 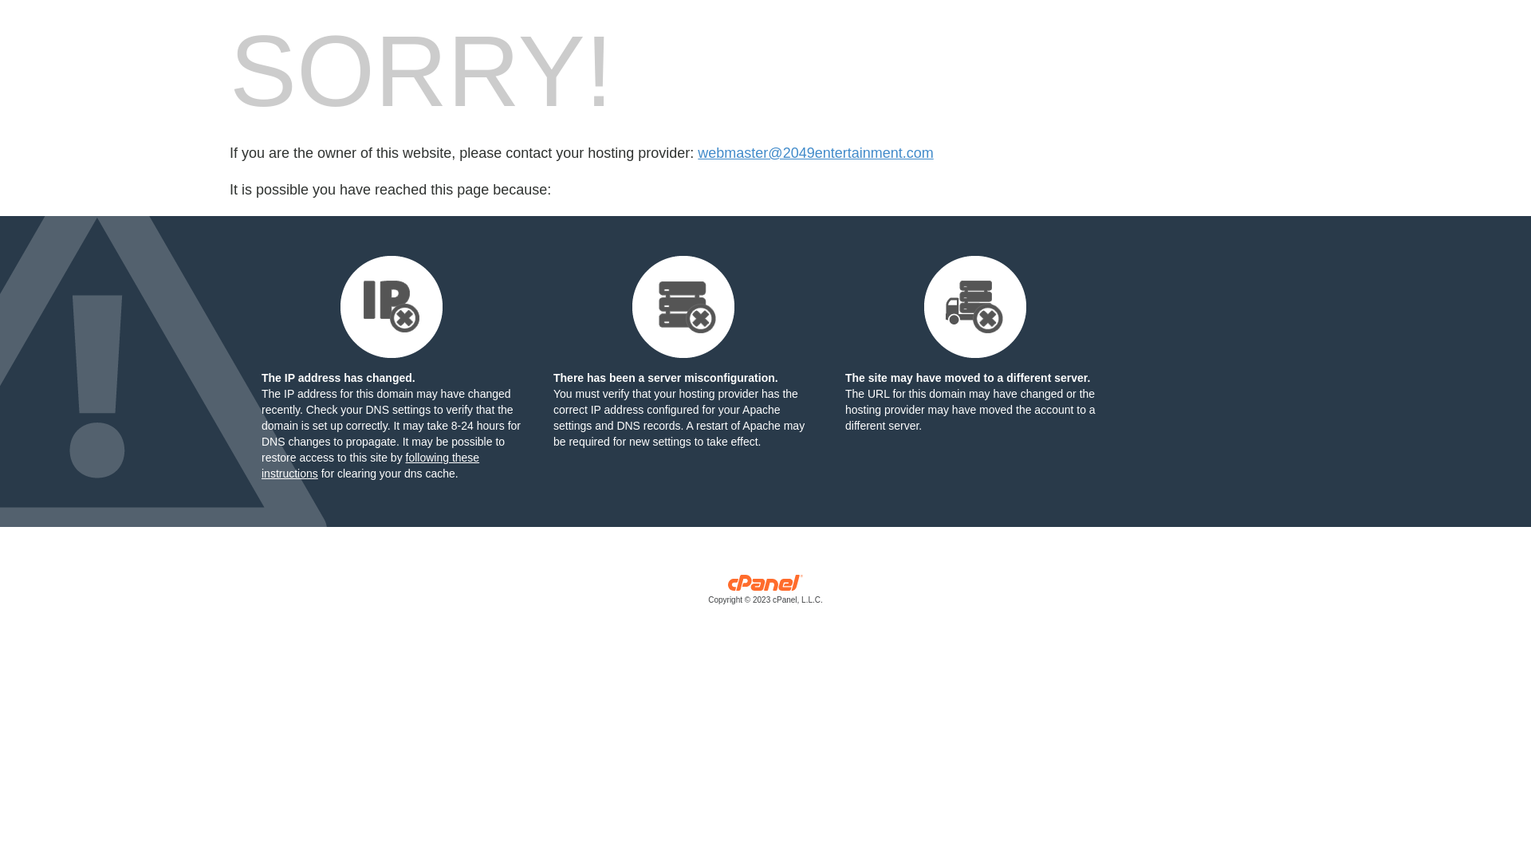 What do you see at coordinates (815, 153) in the screenshot?
I see `'webmaster@2049entertainment.com'` at bounding box center [815, 153].